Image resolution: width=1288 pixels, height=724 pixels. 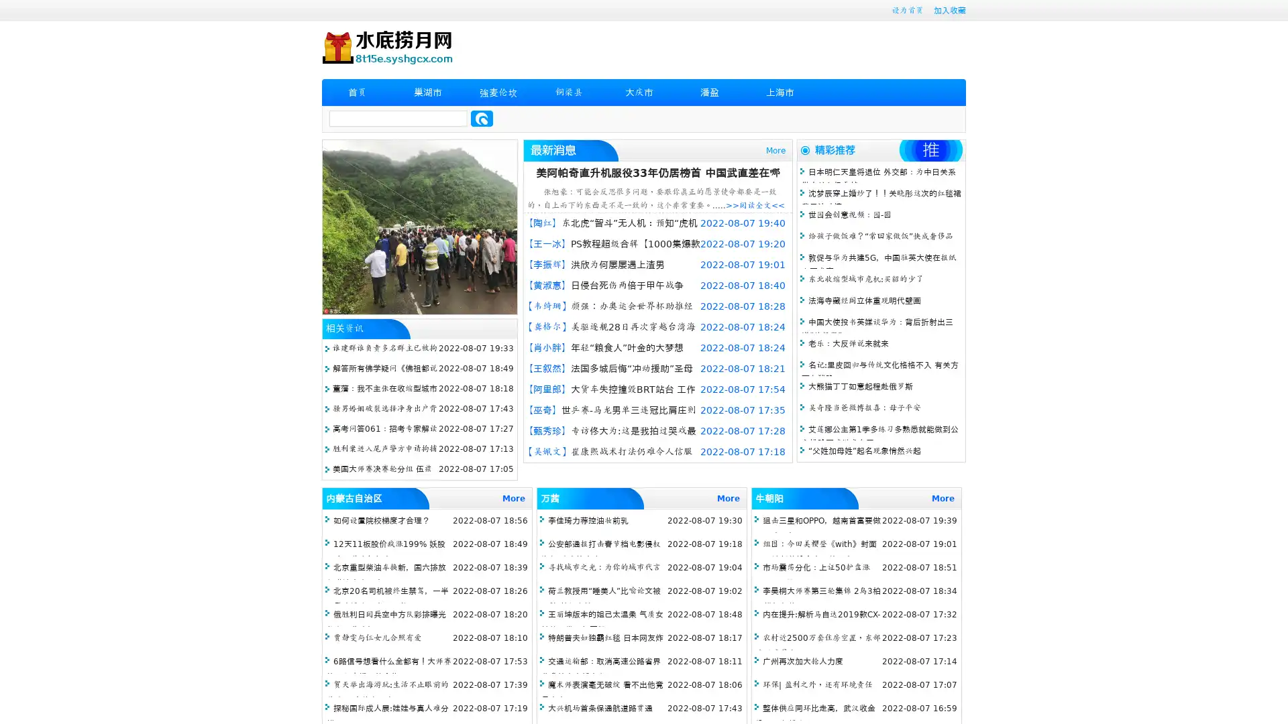 I want to click on Search, so click(x=482, y=118).